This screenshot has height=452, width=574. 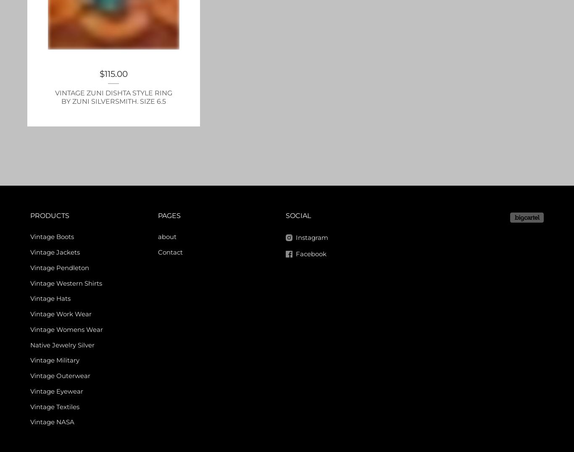 I want to click on 'Vintage Textiles', so click(x=54, y=406).